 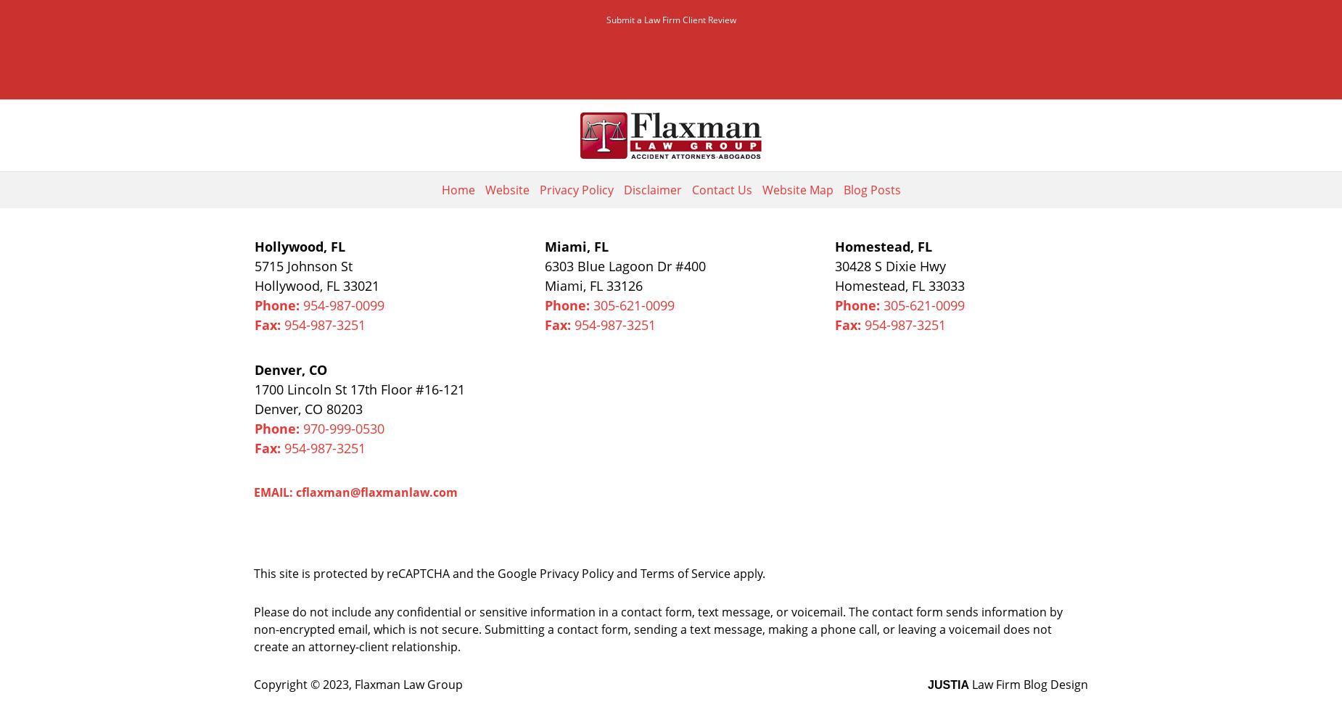 I want to click on '1700 Lincoln St 17th Floor #16-121', so click(x=253, y=388).